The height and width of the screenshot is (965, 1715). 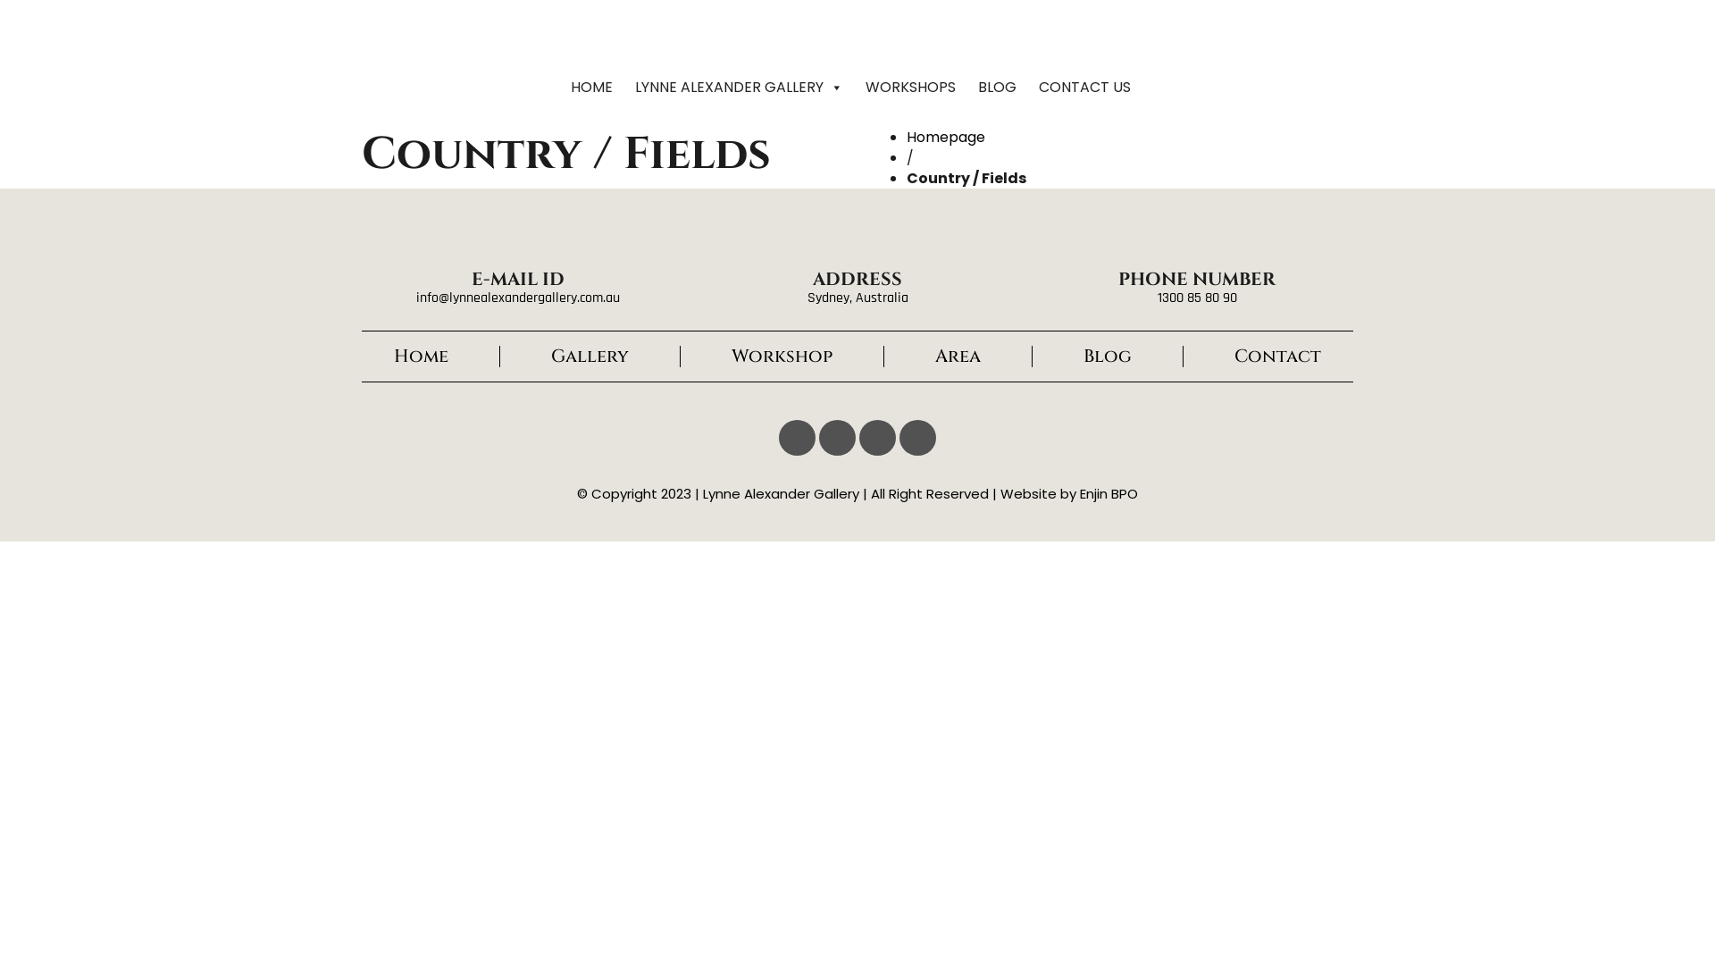 I want to click on '1300 85 80 90', so click(x=1197, y=297).